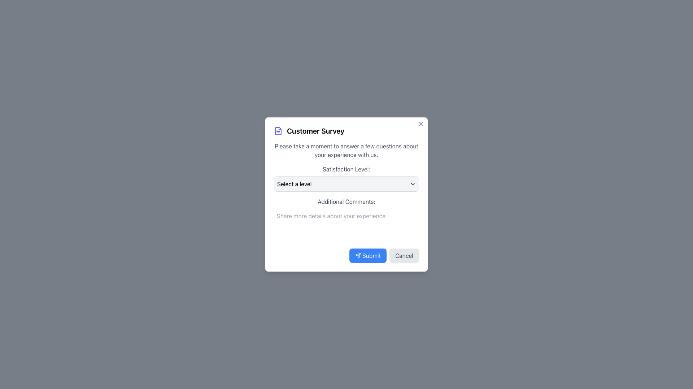 This screenshot has height=389, width=693. I want to click on the informational text label guiding the user to begin answering questions related to their experience with the system, located below the 'Customer Survey' header, so click(346, 150).